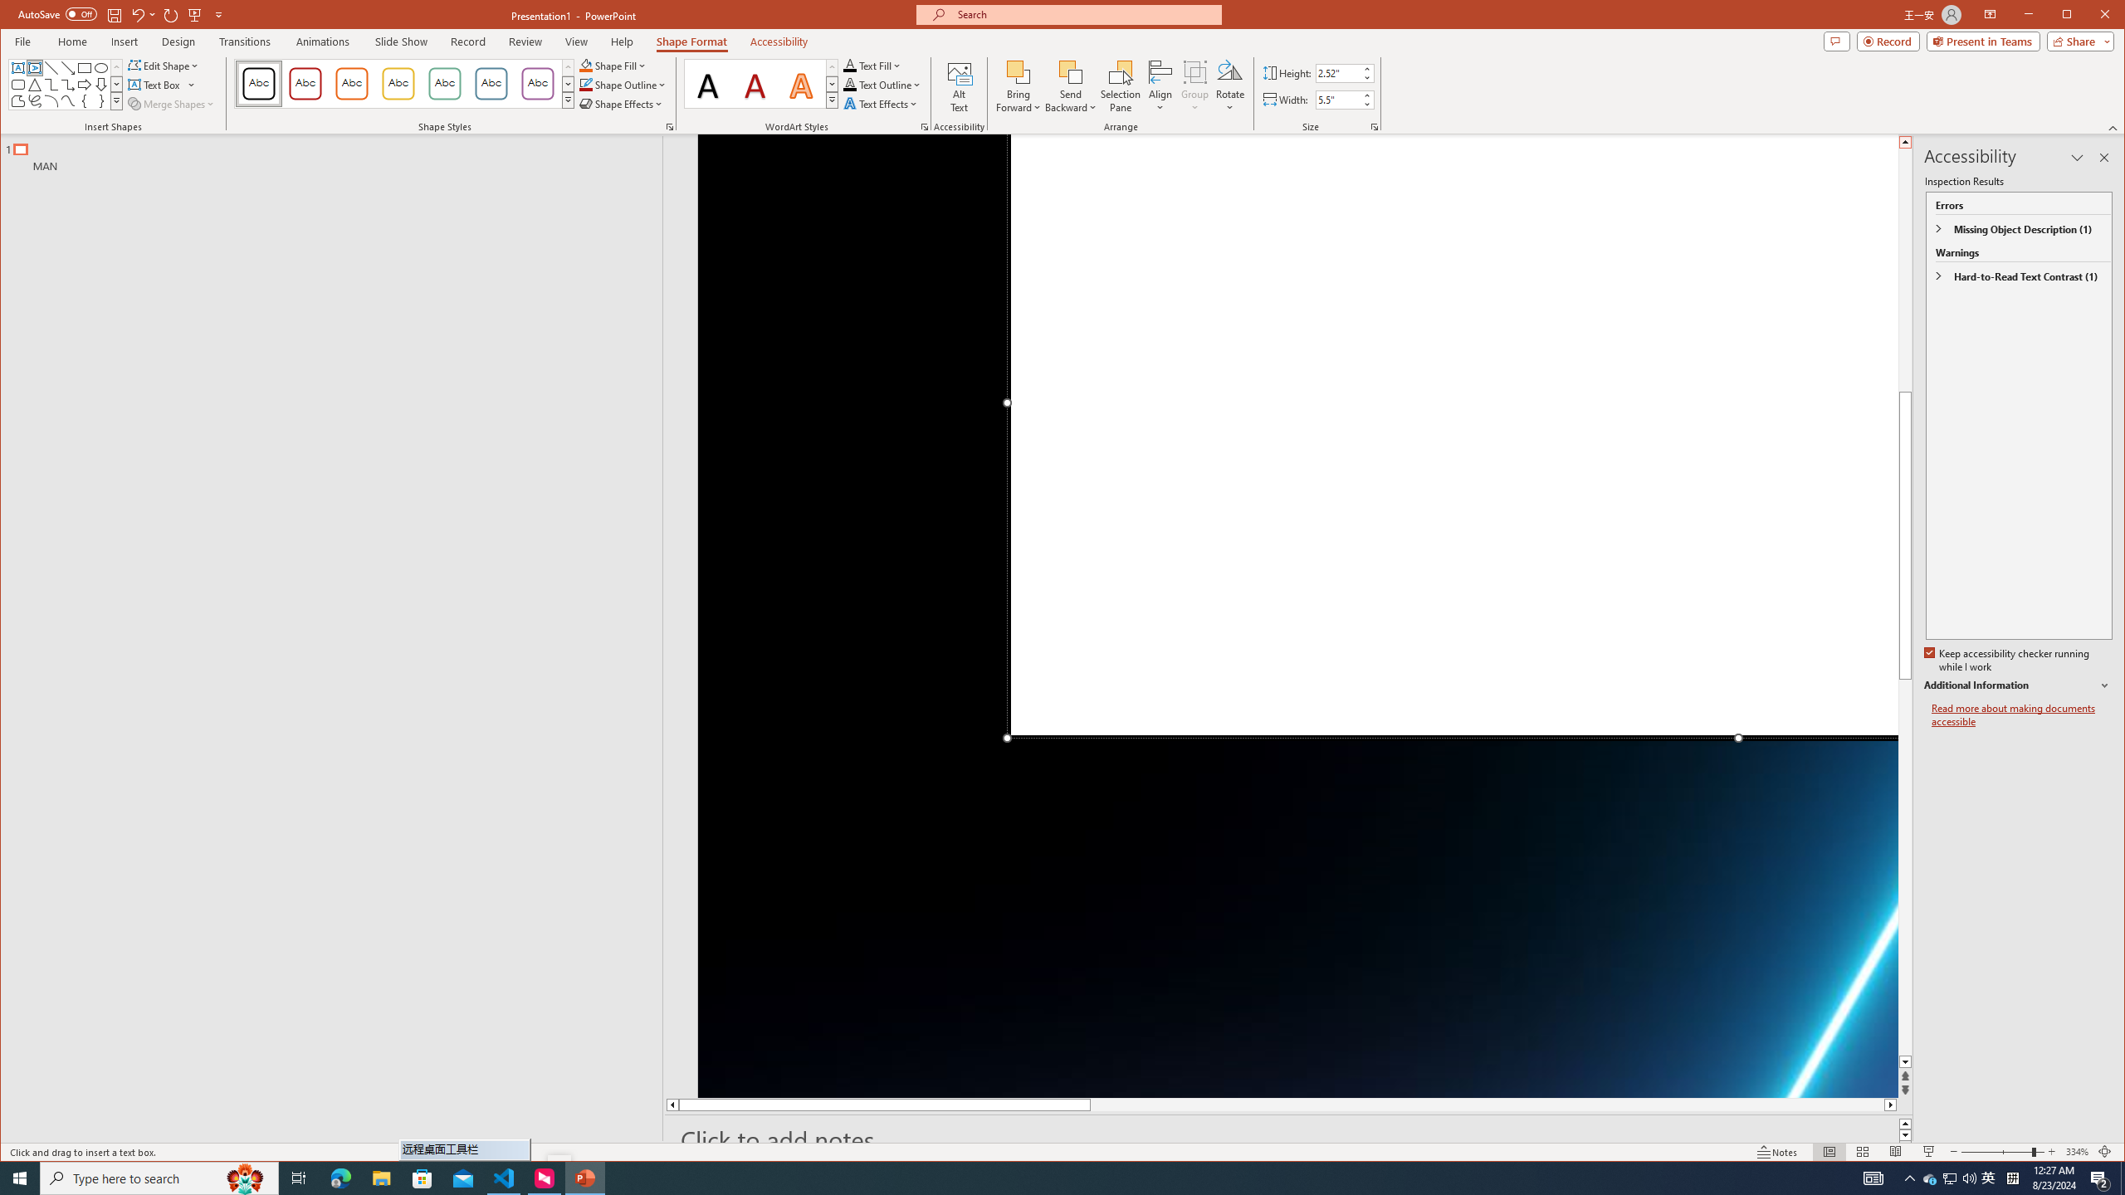 Image resolution: width=2125 pixels, height=1195 pixels. Describe the element at coordinates (351, 83) in the screenshot. I see `'Colored Outline - Orange, Accent 2'` at that location.